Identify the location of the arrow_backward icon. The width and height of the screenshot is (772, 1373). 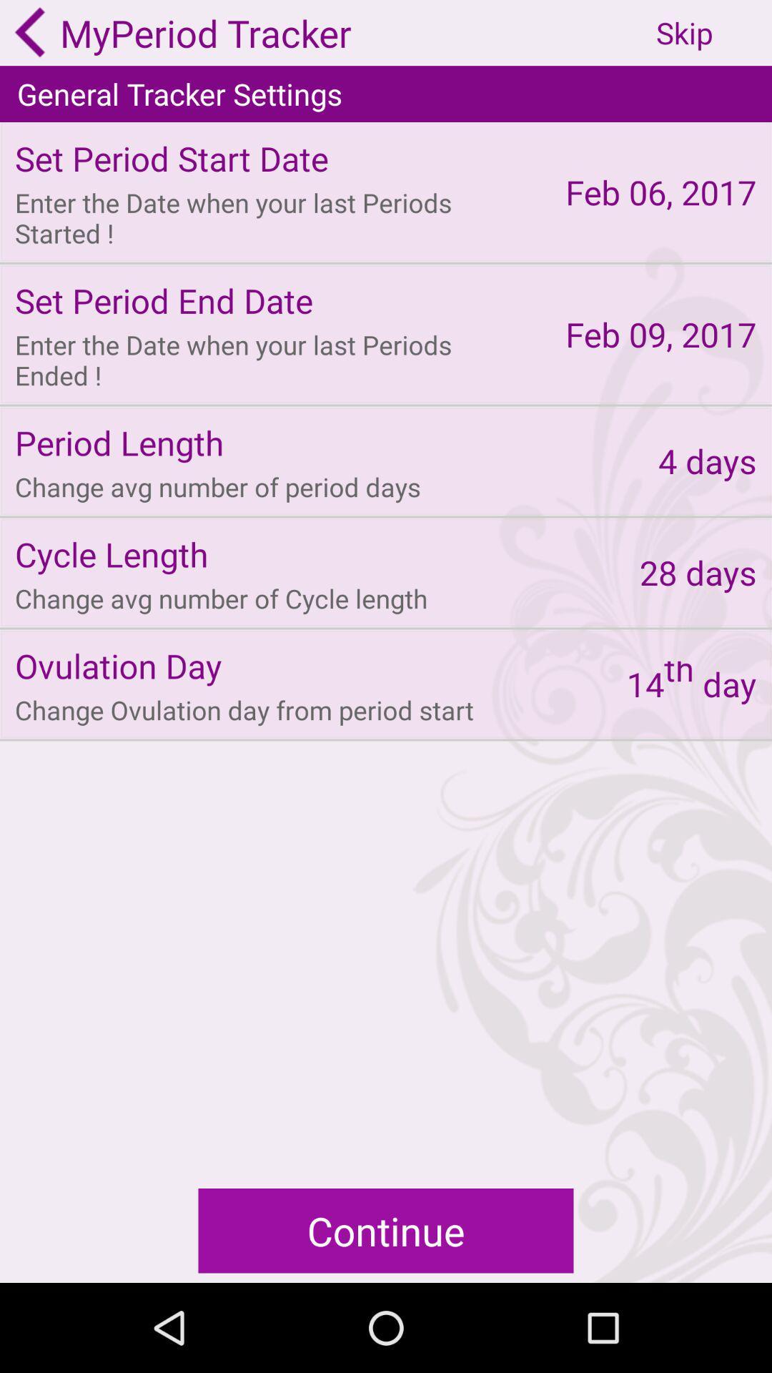
(30, 34).